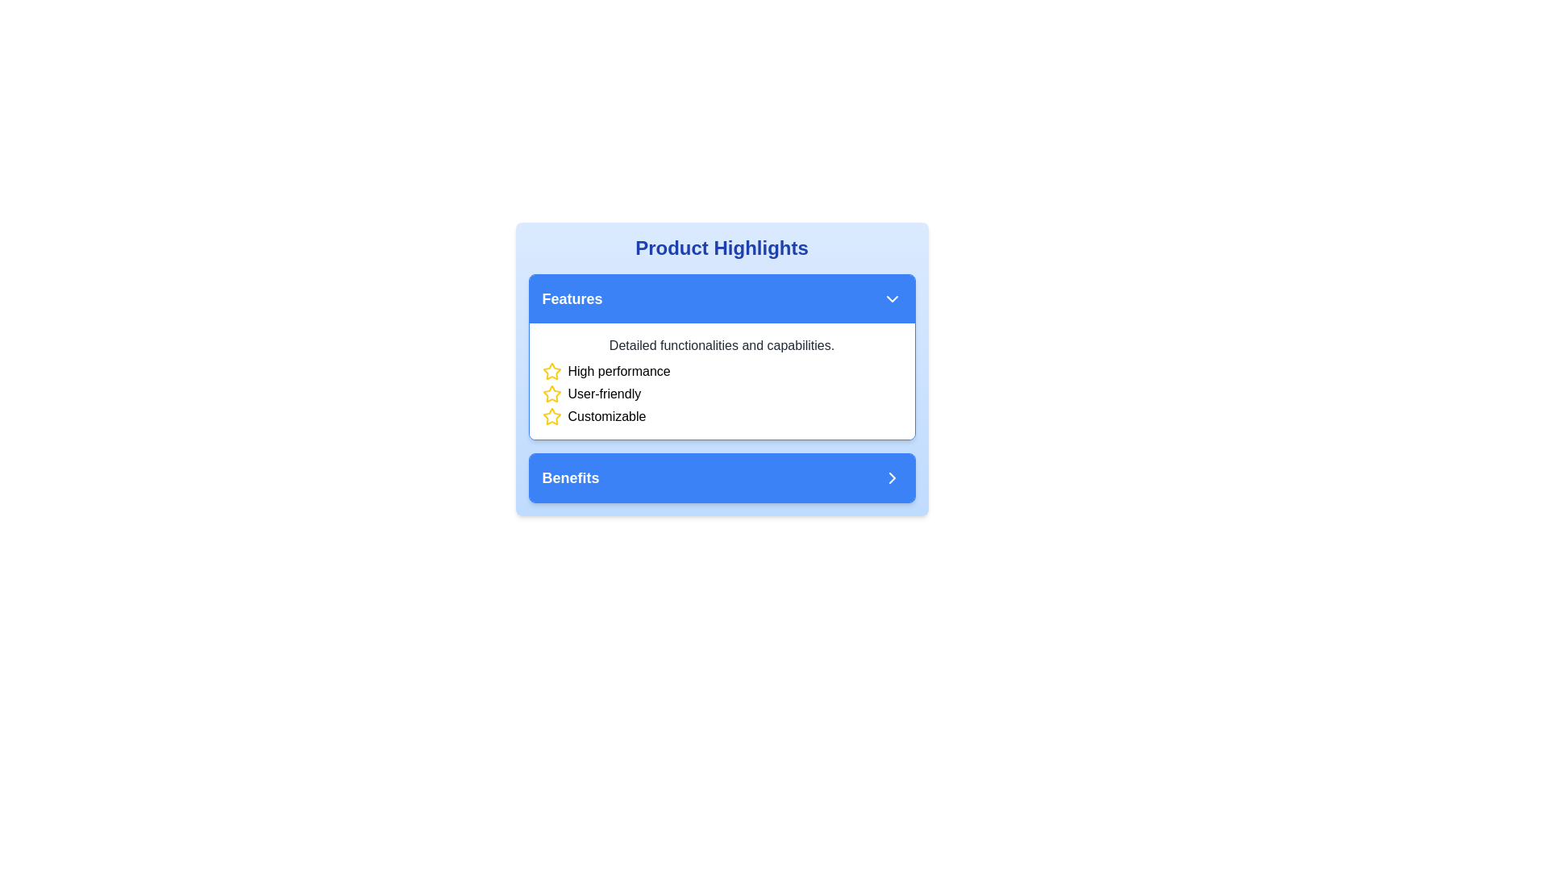 The width and height of the screenshot is (1548, 871). Describe the element at coordinates (721, 477) in the screenshot. I see `the navigation button located at the bottom section of the card-like module` at that location.